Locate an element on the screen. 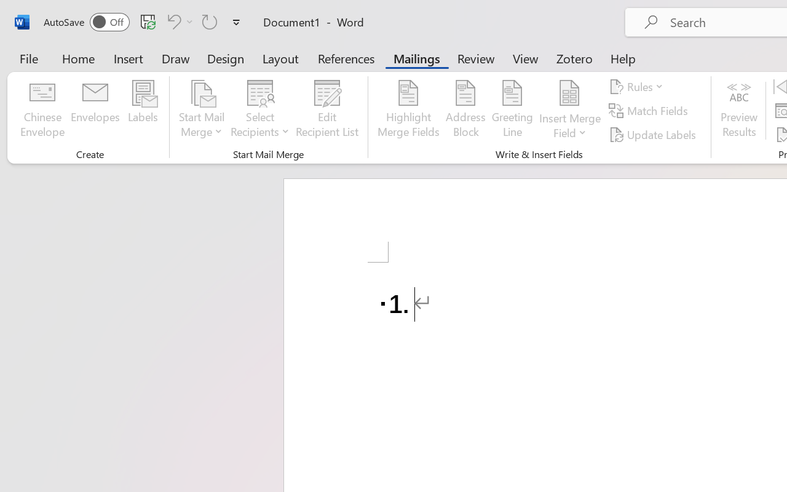 The width and height of the screenshot is (787, 492). 'Labels...' is located at coordinates (143, 110).